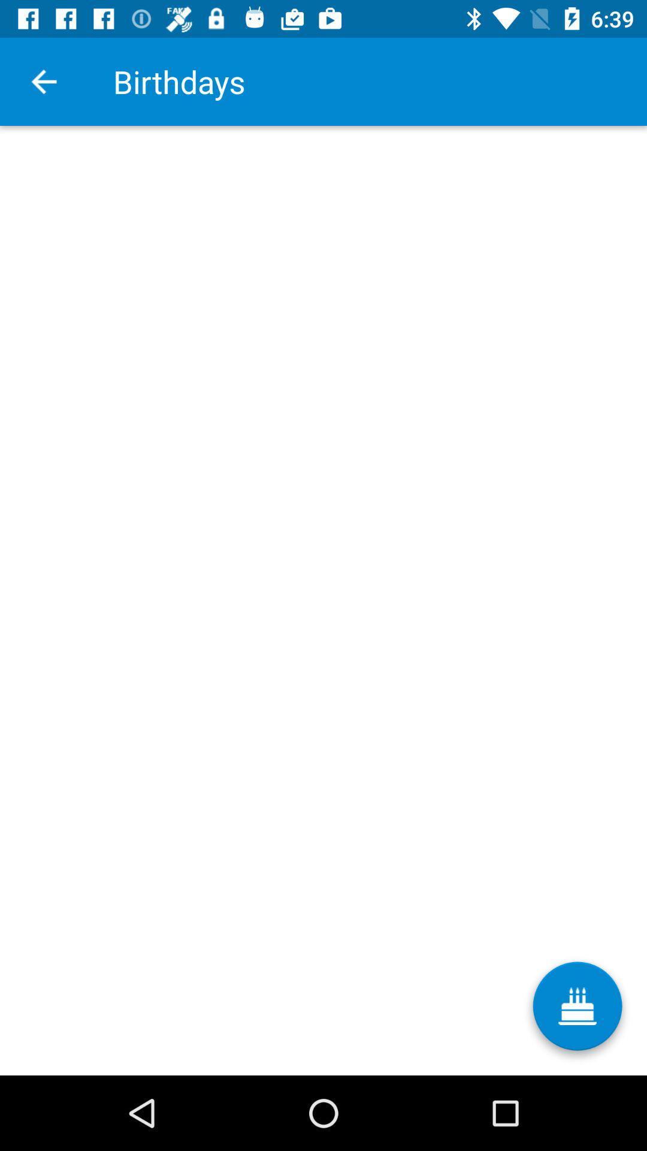 The image size is (647, 1151). What do you see at coordinates (43, 81) in the screenshot?
I see `icon at the top left corner` at bounding box center [43, 81].